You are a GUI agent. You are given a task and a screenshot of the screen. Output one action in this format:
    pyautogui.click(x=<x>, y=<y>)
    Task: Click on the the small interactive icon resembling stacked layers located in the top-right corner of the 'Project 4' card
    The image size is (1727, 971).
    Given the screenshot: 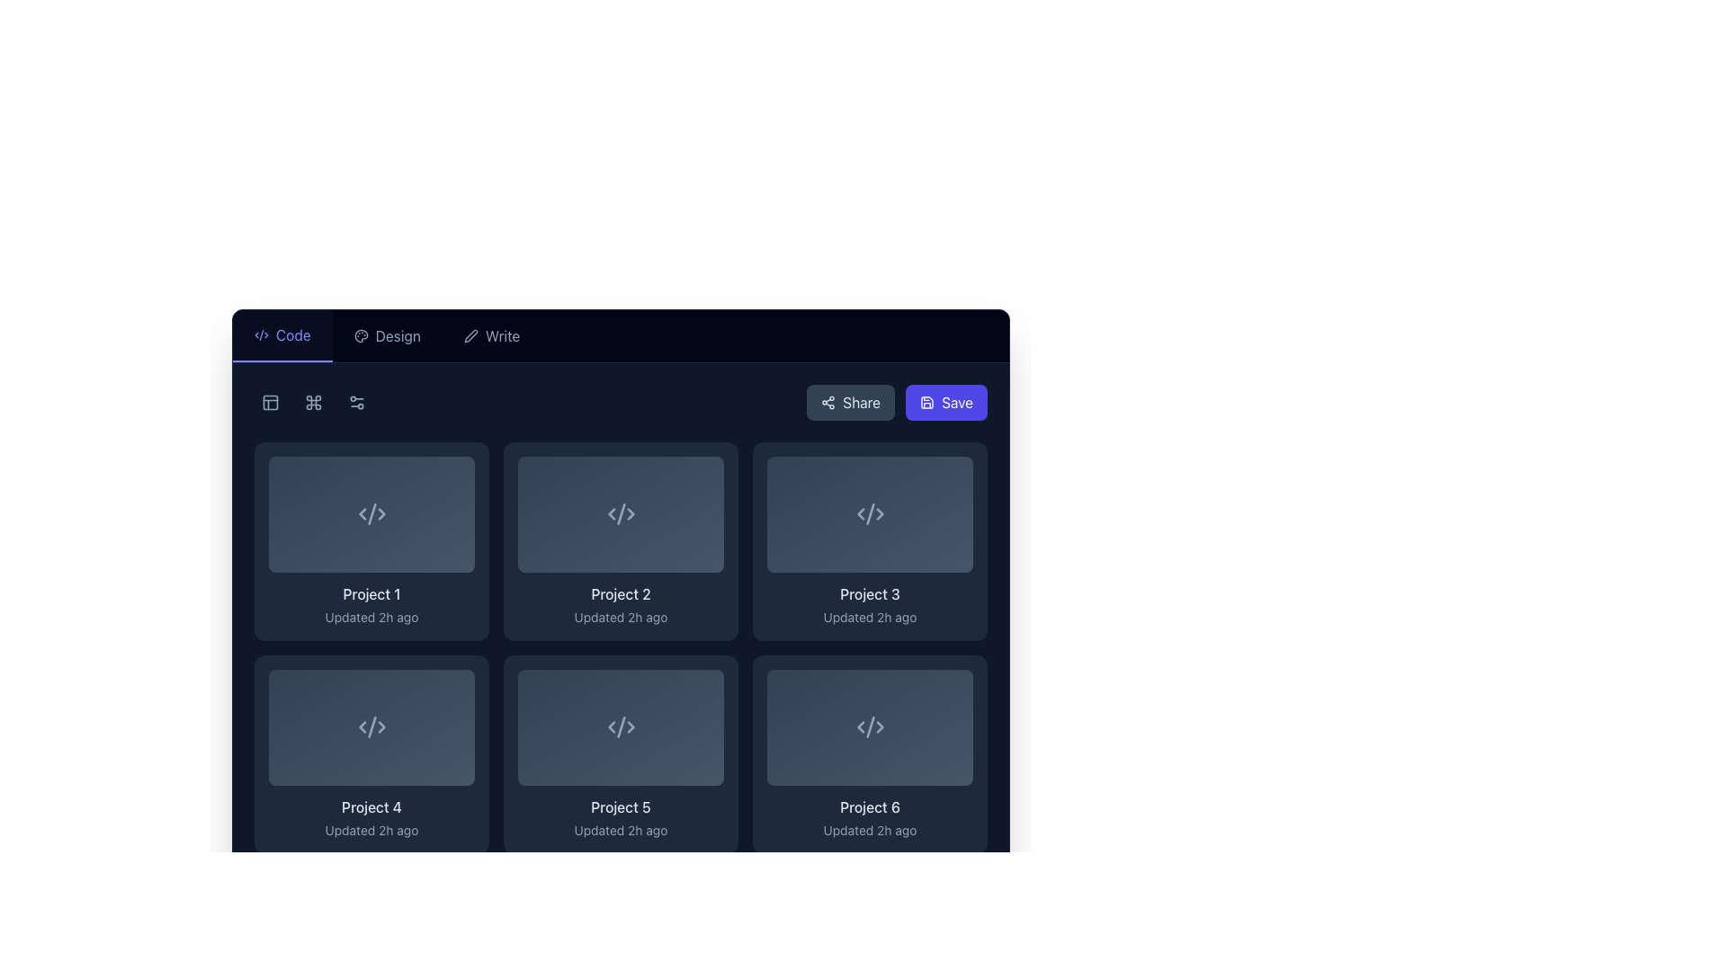 What is the action you would take?
    pyautogui.click(x=470, y=673)
    